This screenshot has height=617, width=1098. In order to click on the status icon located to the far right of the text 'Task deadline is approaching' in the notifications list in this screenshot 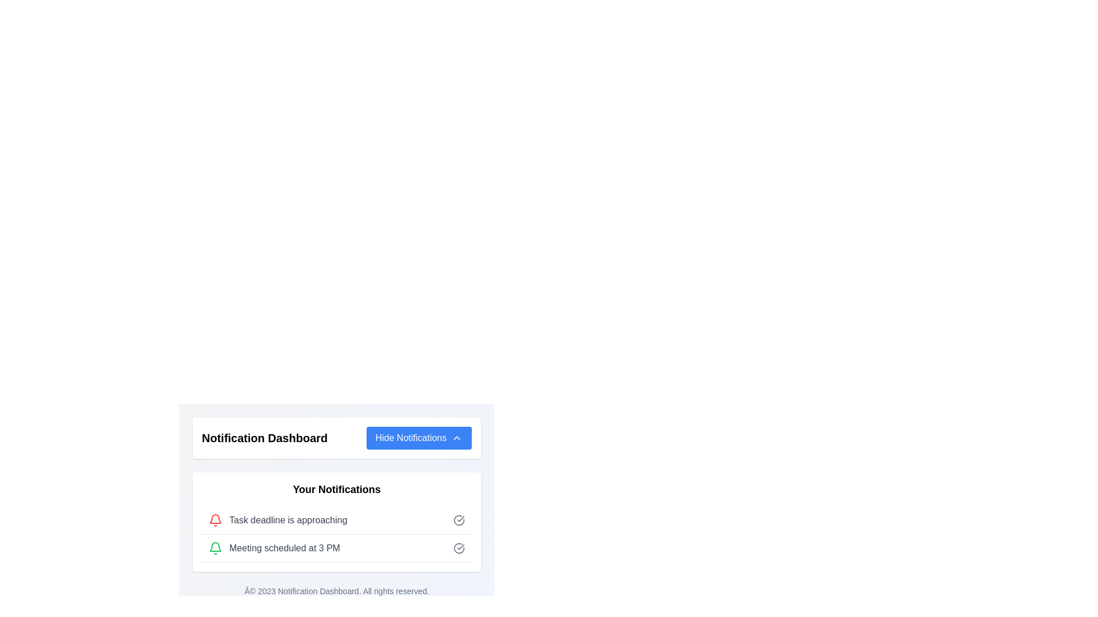, I will do `click(459, 520)`.